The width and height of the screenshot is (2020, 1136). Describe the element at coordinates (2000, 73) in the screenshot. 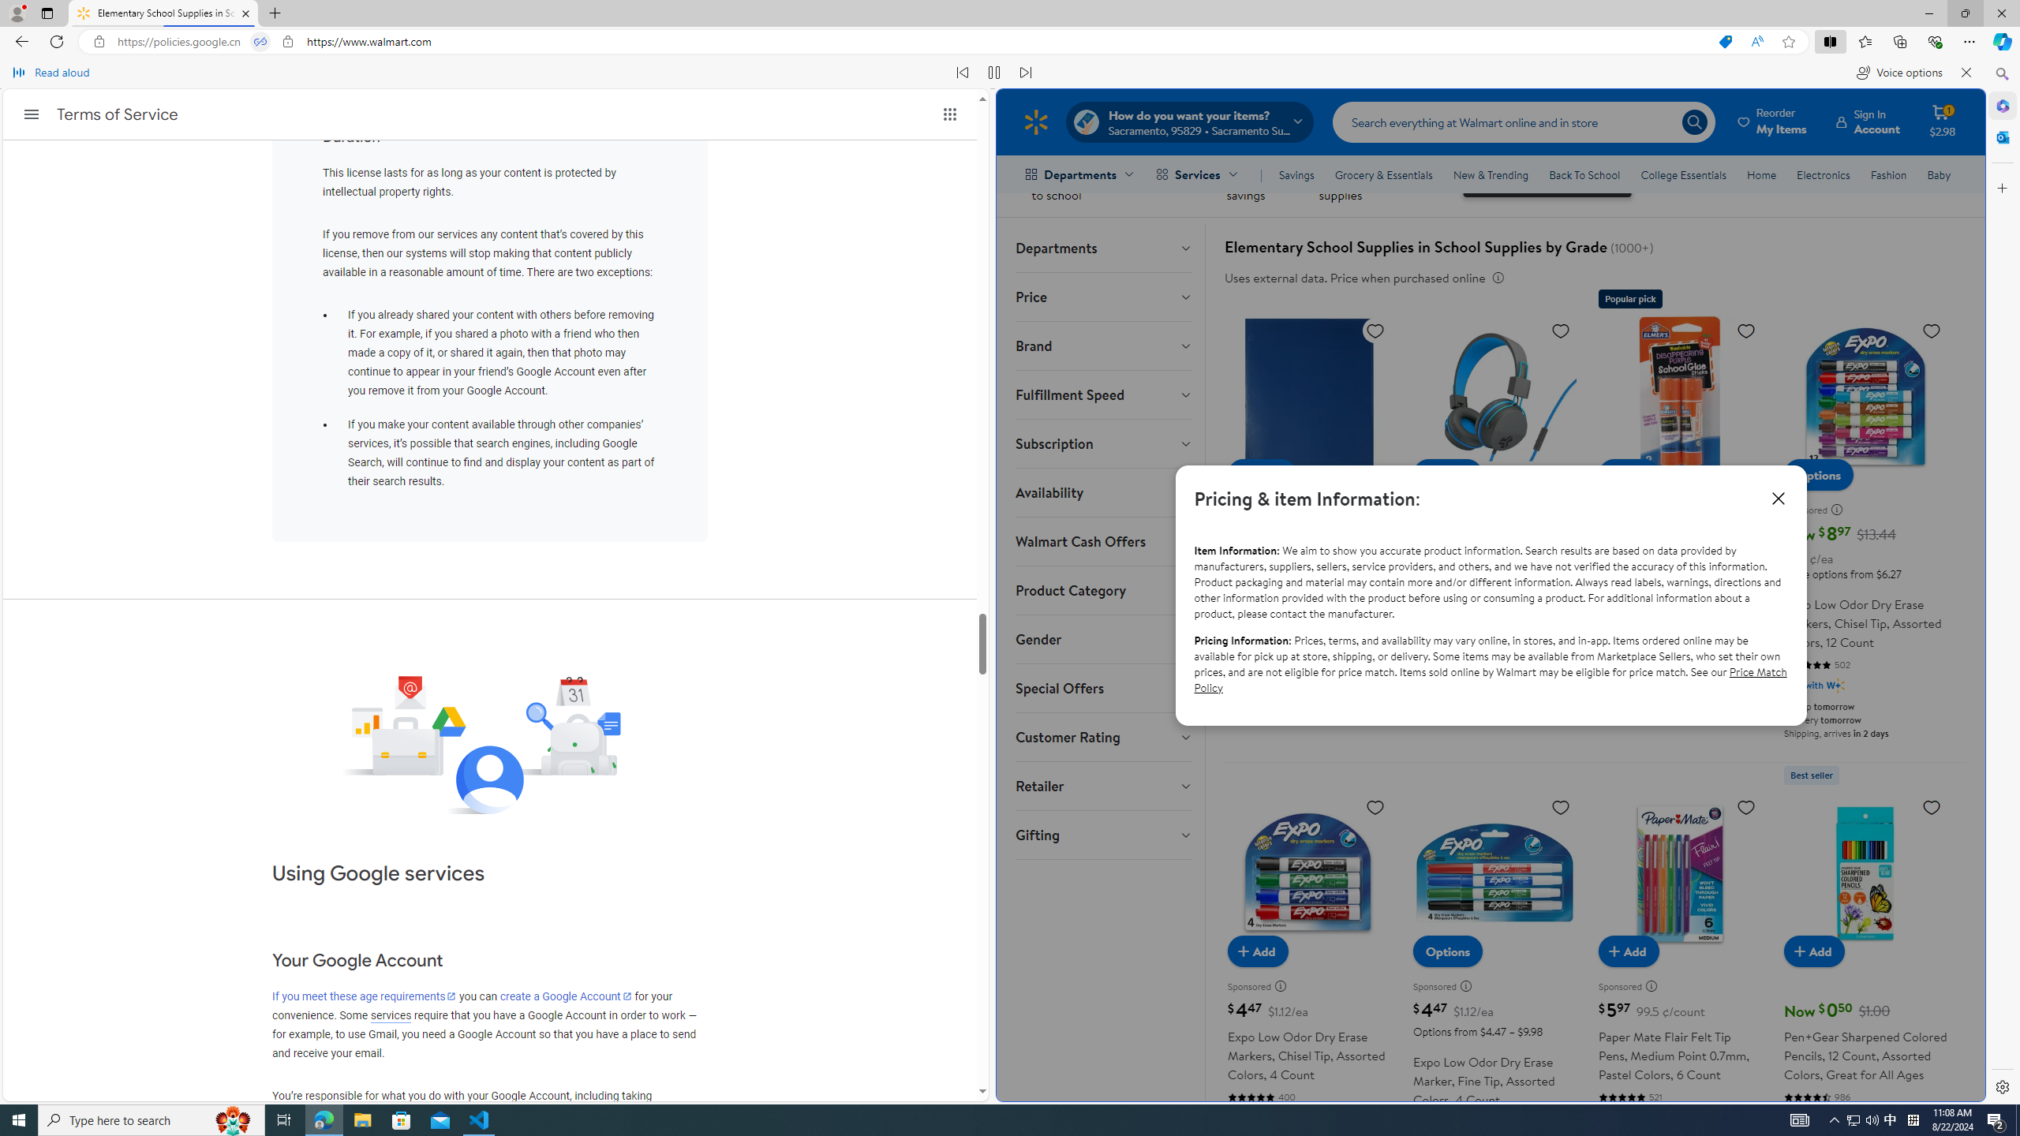

I see `'Close Search pane'` at that location.